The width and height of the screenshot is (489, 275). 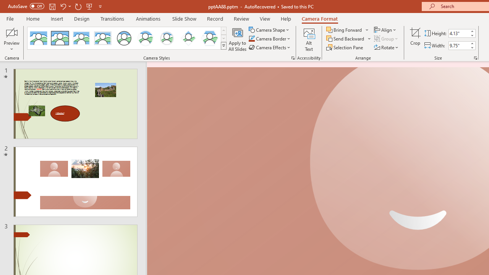 What do you see at coordinates (475, 57) in the screenshot?
I see `'Size and Position...'` at bounding box center [475, 57].